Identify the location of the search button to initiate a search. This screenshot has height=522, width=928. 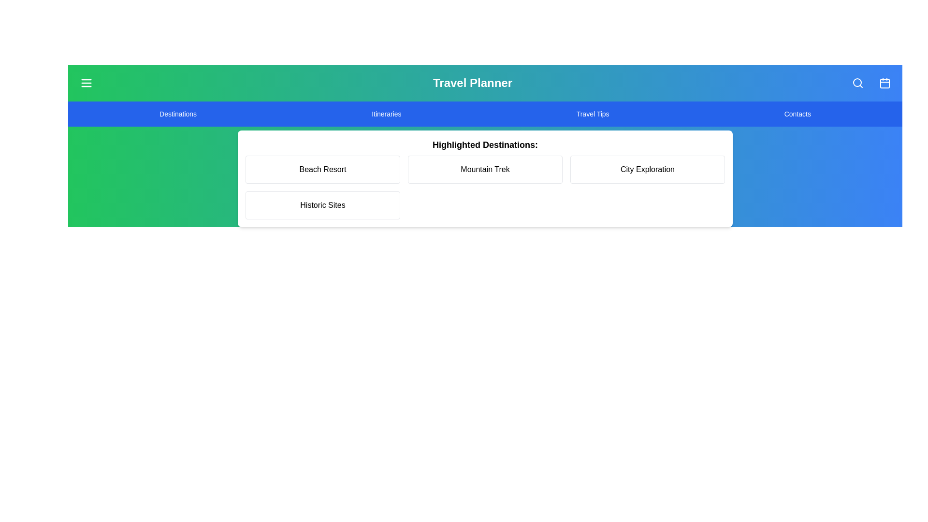
(858, 83).